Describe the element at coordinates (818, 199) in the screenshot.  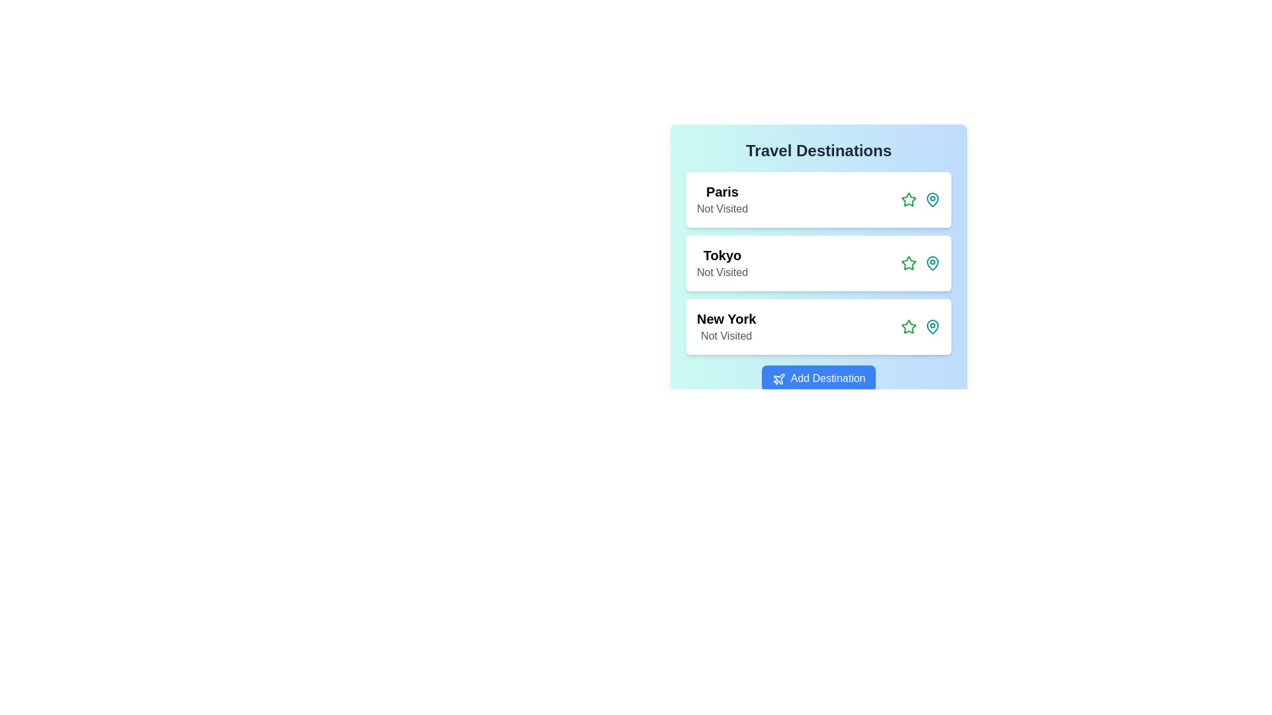
I see `the destination item Paris to observe its hover effect` at that location.